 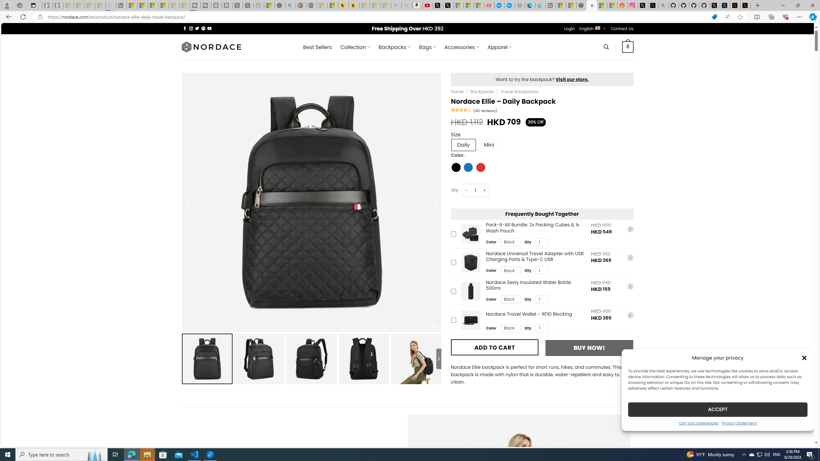 I want to click on 'i', so click(x=630, y=315).